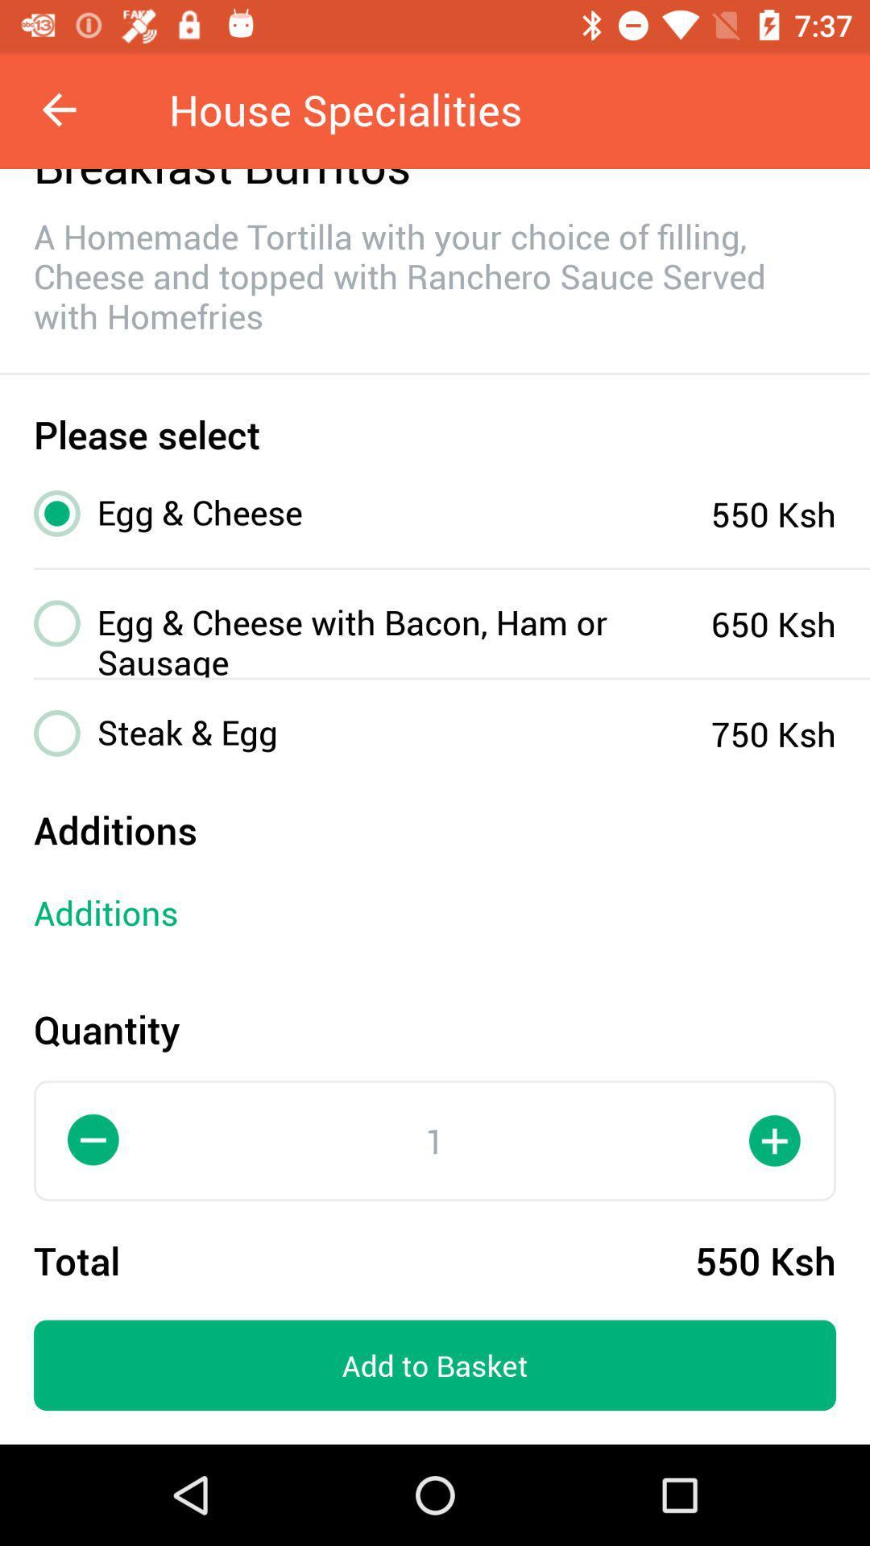  What do you see at coordinates (93, 1139) in the screenshot?
I see `the minus icon` at bounding box center [93, 1139].